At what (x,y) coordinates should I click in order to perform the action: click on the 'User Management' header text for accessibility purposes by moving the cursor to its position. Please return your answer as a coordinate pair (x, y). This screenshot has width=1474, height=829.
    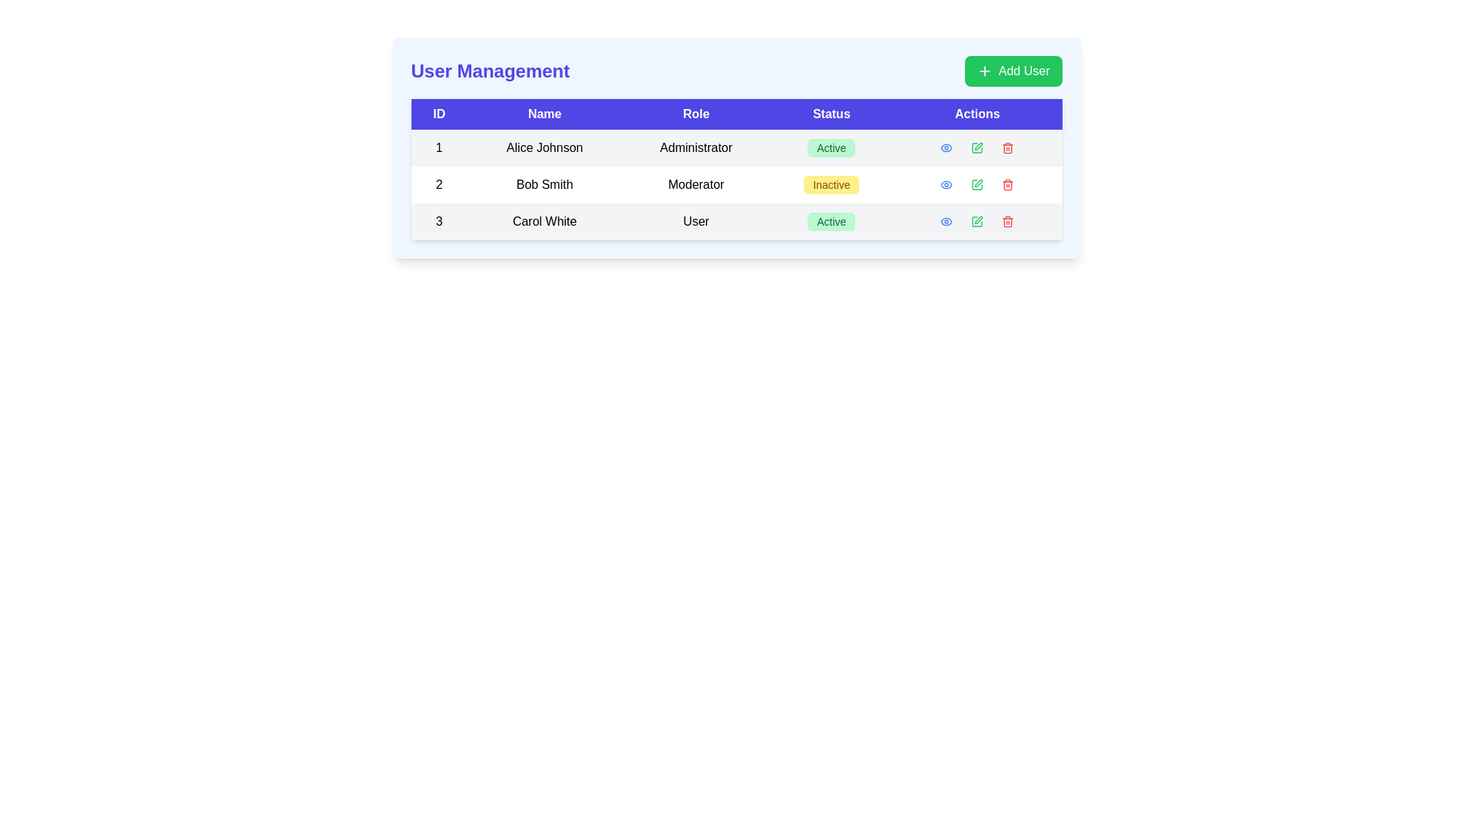
    Looking at the image, I should click on (489, 71).